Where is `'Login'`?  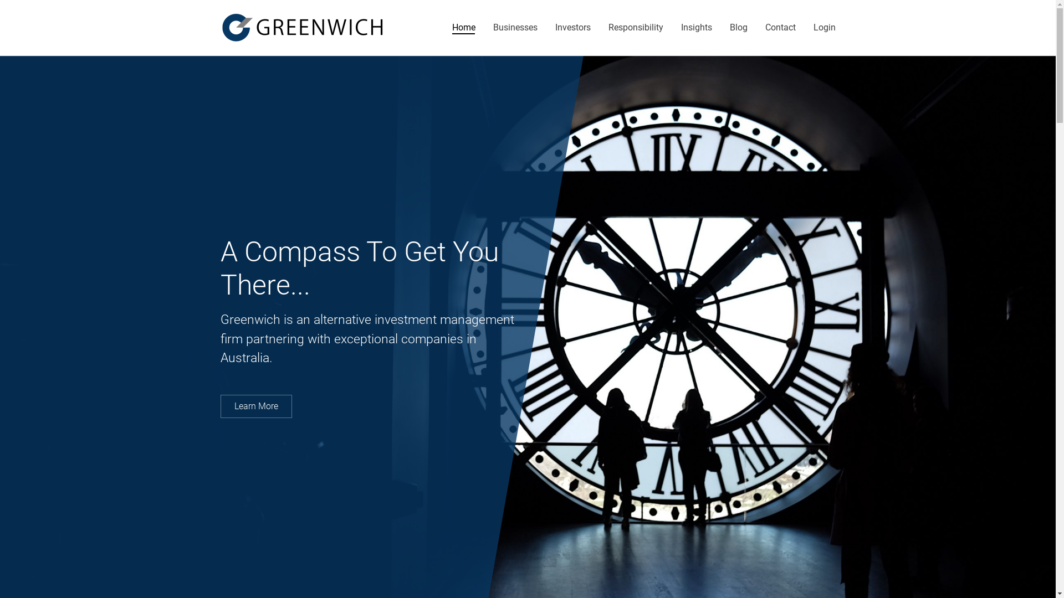
'Login' is located at coordinates (825, 27).